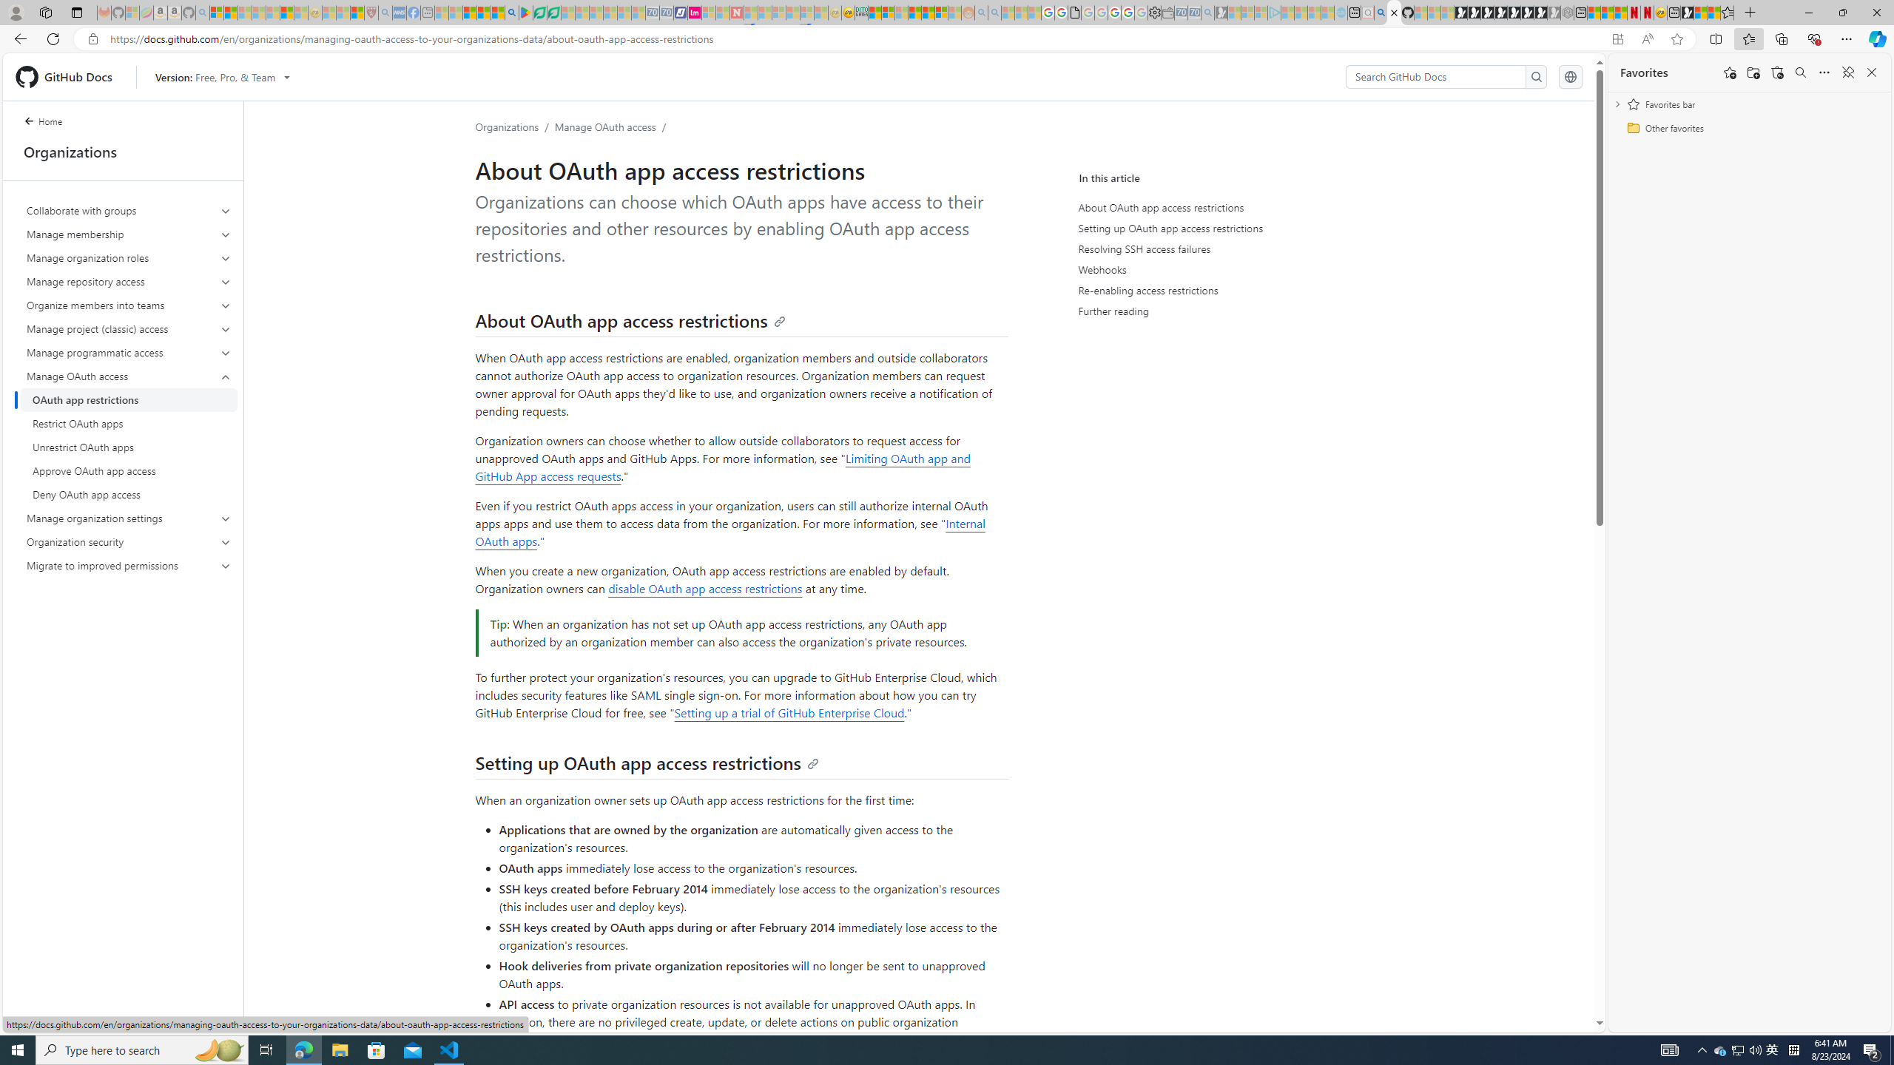 This screenshot has width=1894, height=1065. What do you see at coordinates (515, 126) in the screenshot?
I see `'Organizations/'` at bounding box center [515, 126].